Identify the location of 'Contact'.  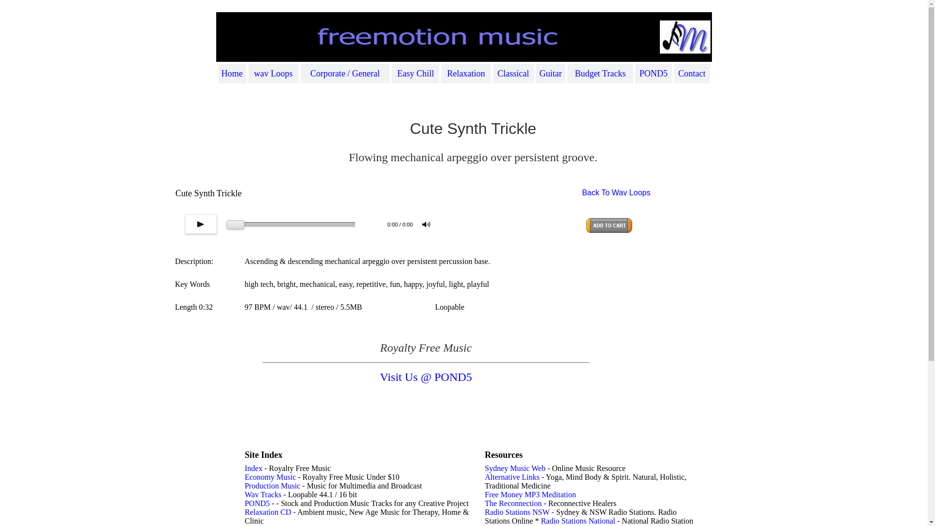
(691, 73).